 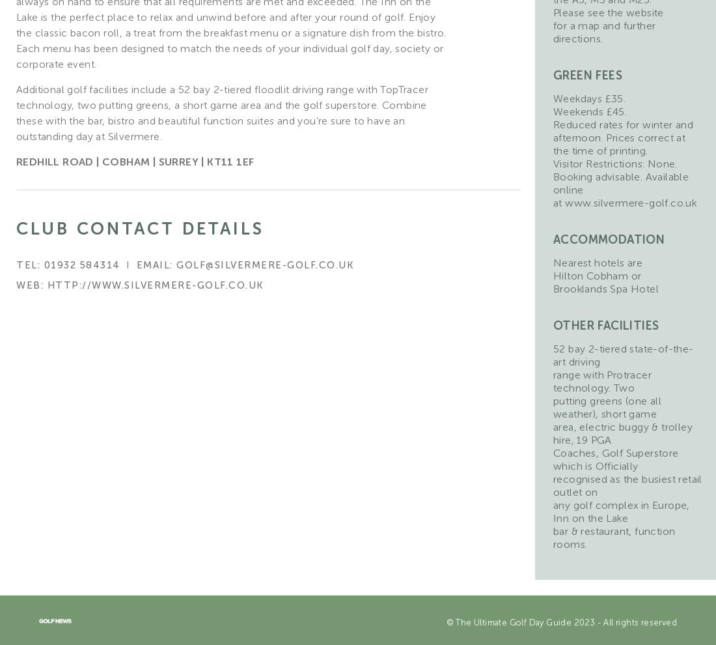 I want to click on 'All rights reserved', so click(x=639, y=622).